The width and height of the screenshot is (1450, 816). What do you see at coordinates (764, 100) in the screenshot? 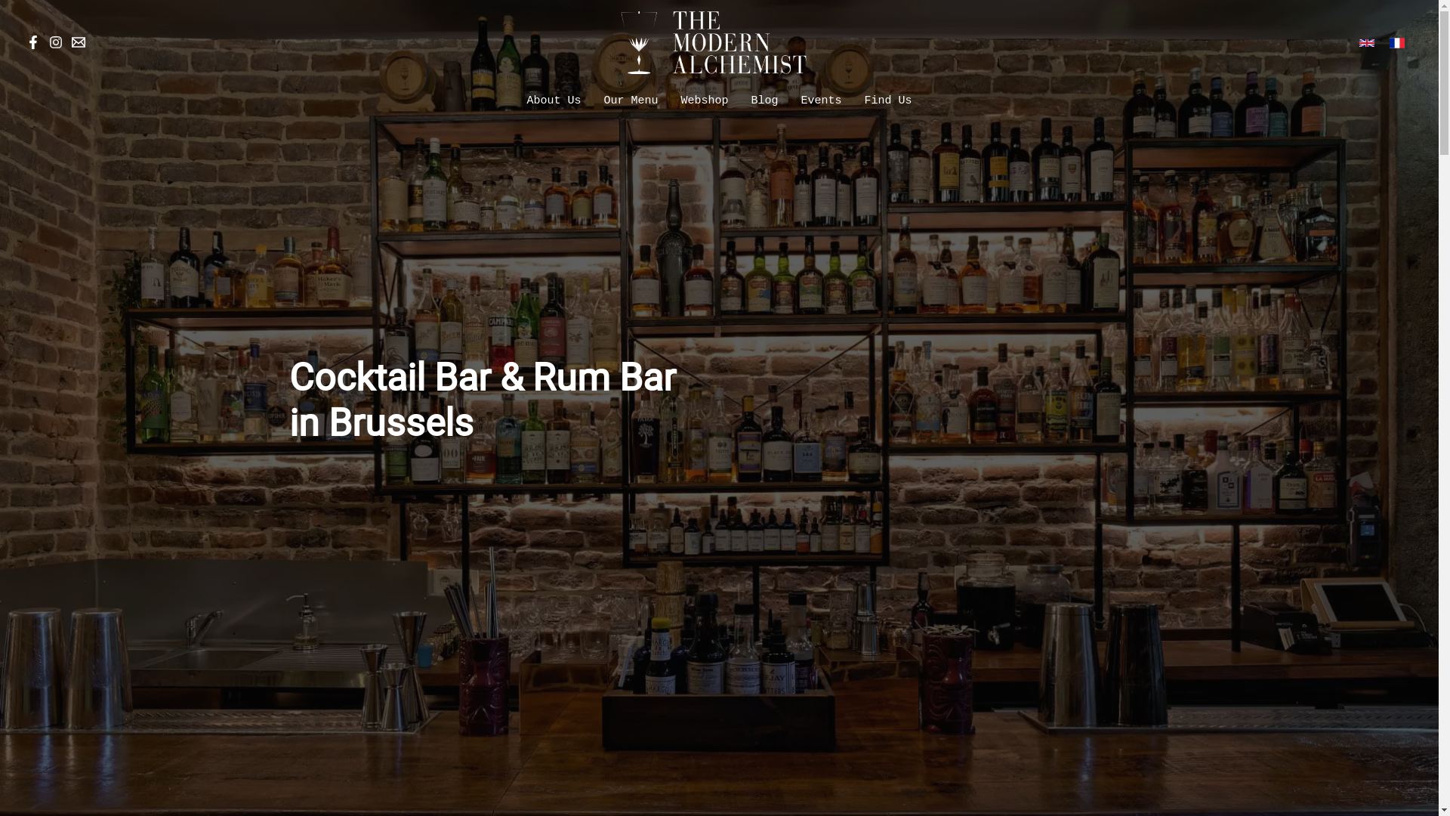
I see `'Blog'` at bounding box center [764, 100].